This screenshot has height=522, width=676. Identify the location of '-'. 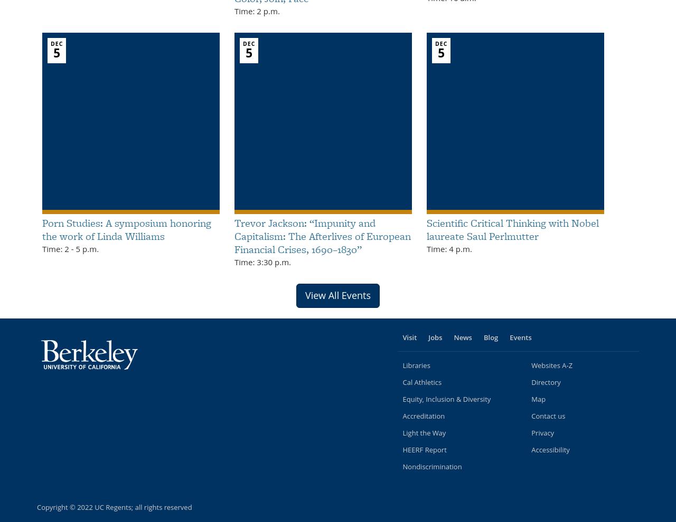
(71, 248).